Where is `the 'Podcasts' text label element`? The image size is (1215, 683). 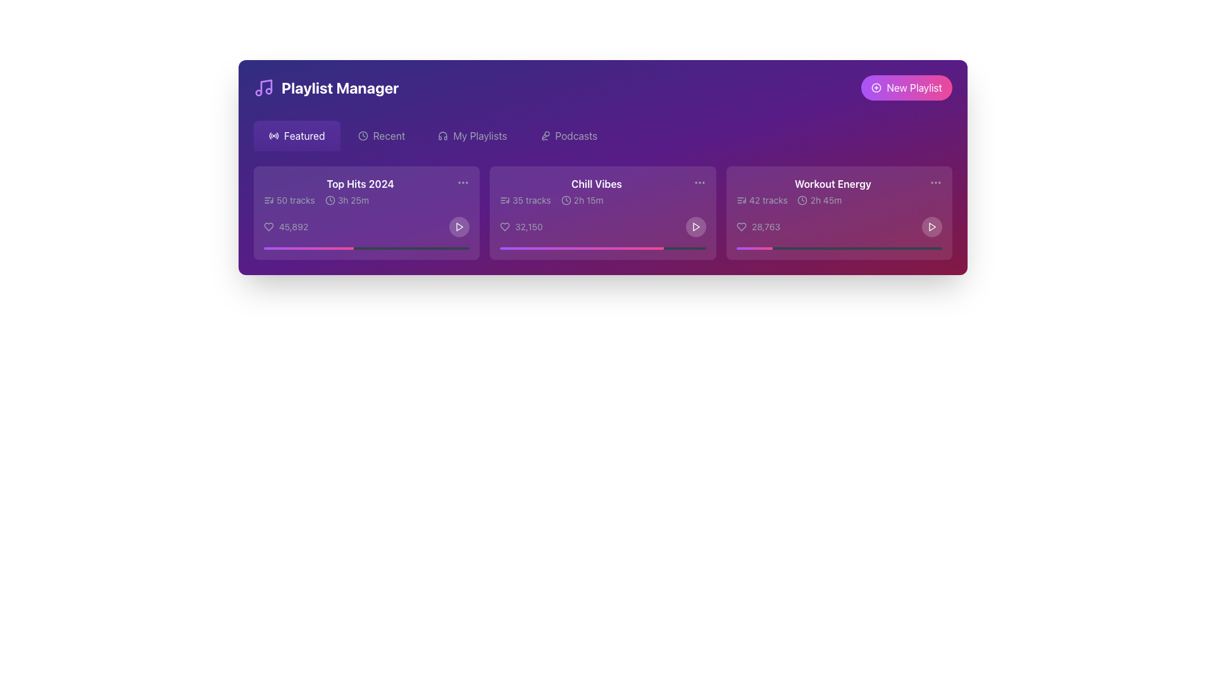 the 'Podcasts' text label element is located at coordinates (575, 136).